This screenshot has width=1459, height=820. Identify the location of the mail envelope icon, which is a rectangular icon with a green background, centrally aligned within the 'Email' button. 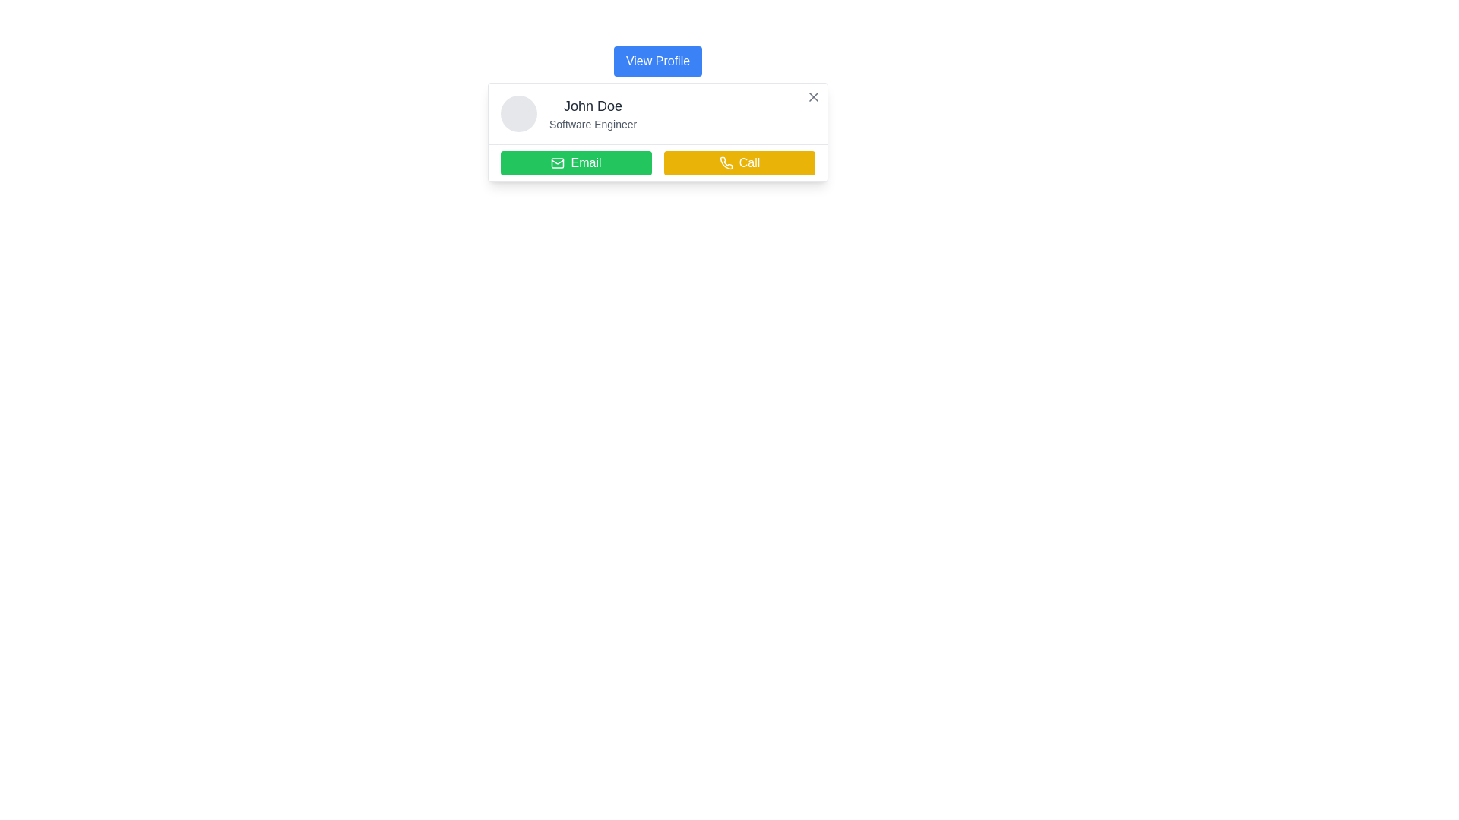
(557, 163).